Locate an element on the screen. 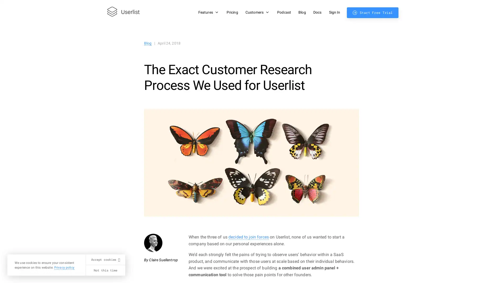  Not this time is located at coordinates (105, 270).